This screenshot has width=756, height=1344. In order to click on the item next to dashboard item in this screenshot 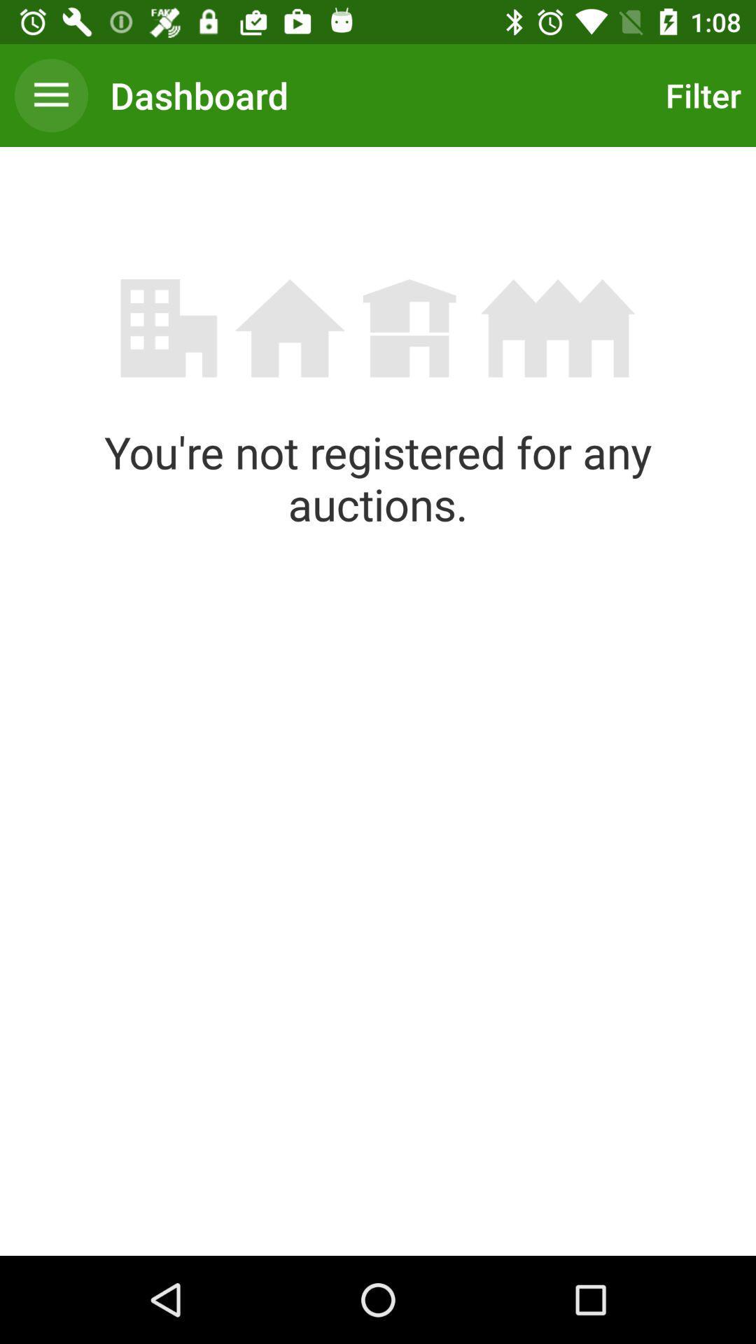, I will do `click(50, 94)`.